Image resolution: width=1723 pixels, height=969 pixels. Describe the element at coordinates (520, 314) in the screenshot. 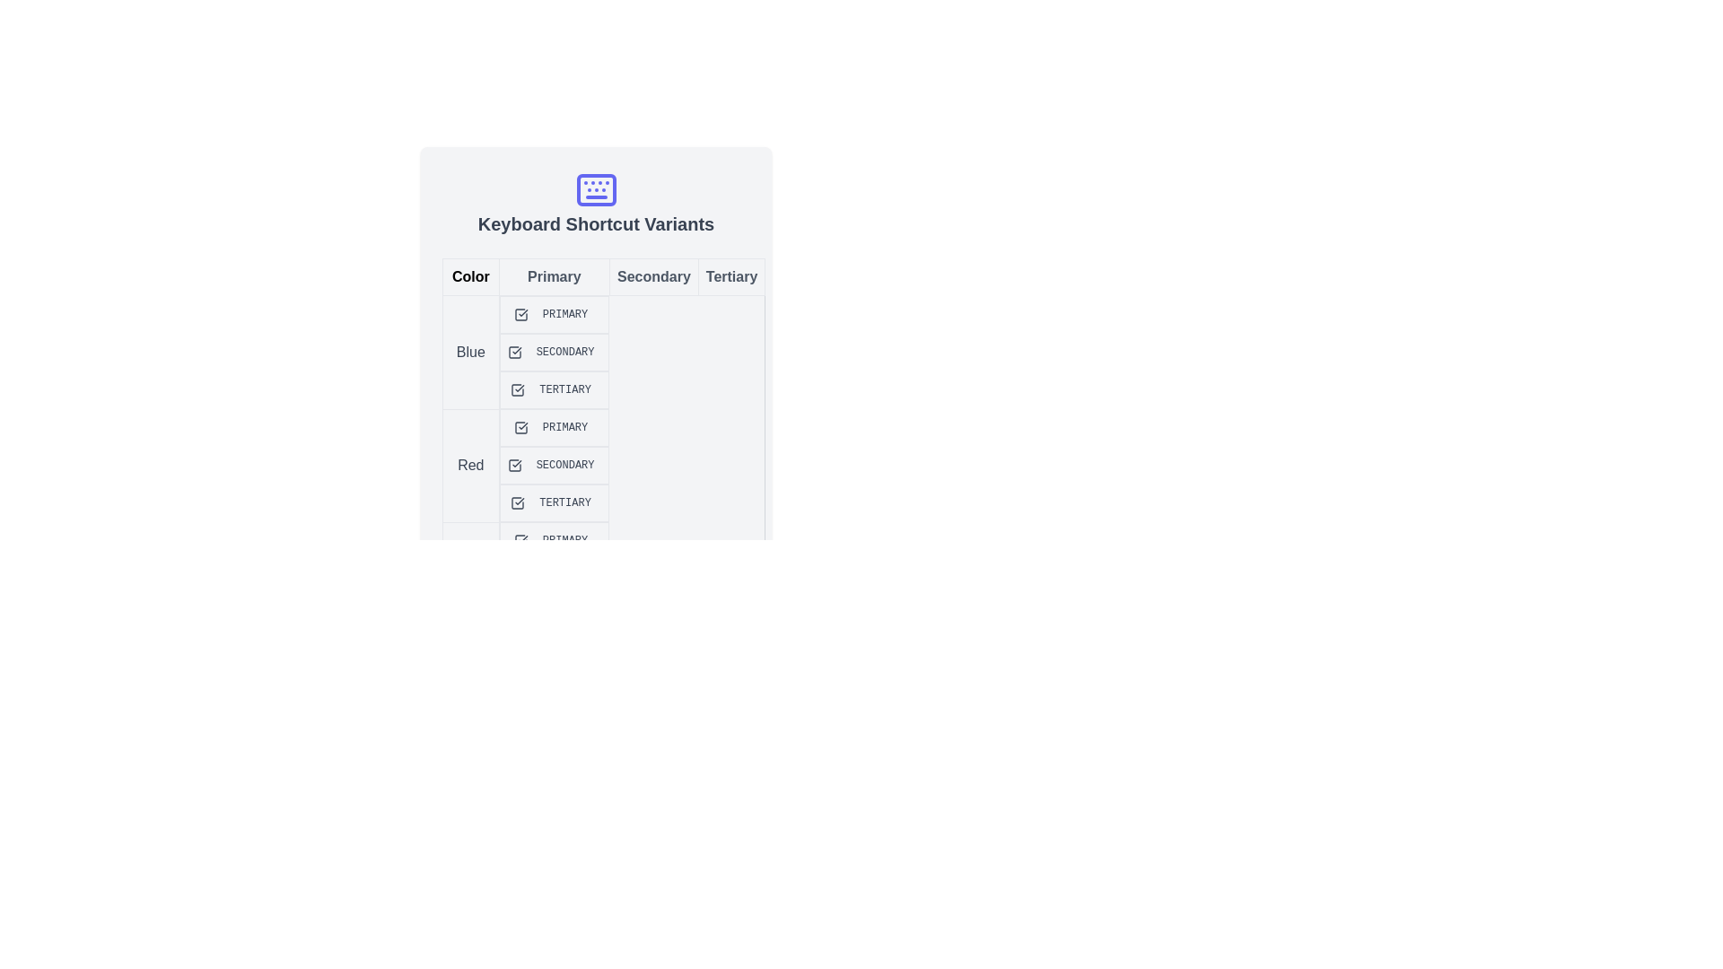

I see `the blue checkbox icon labeled 'Primary'` at that location.